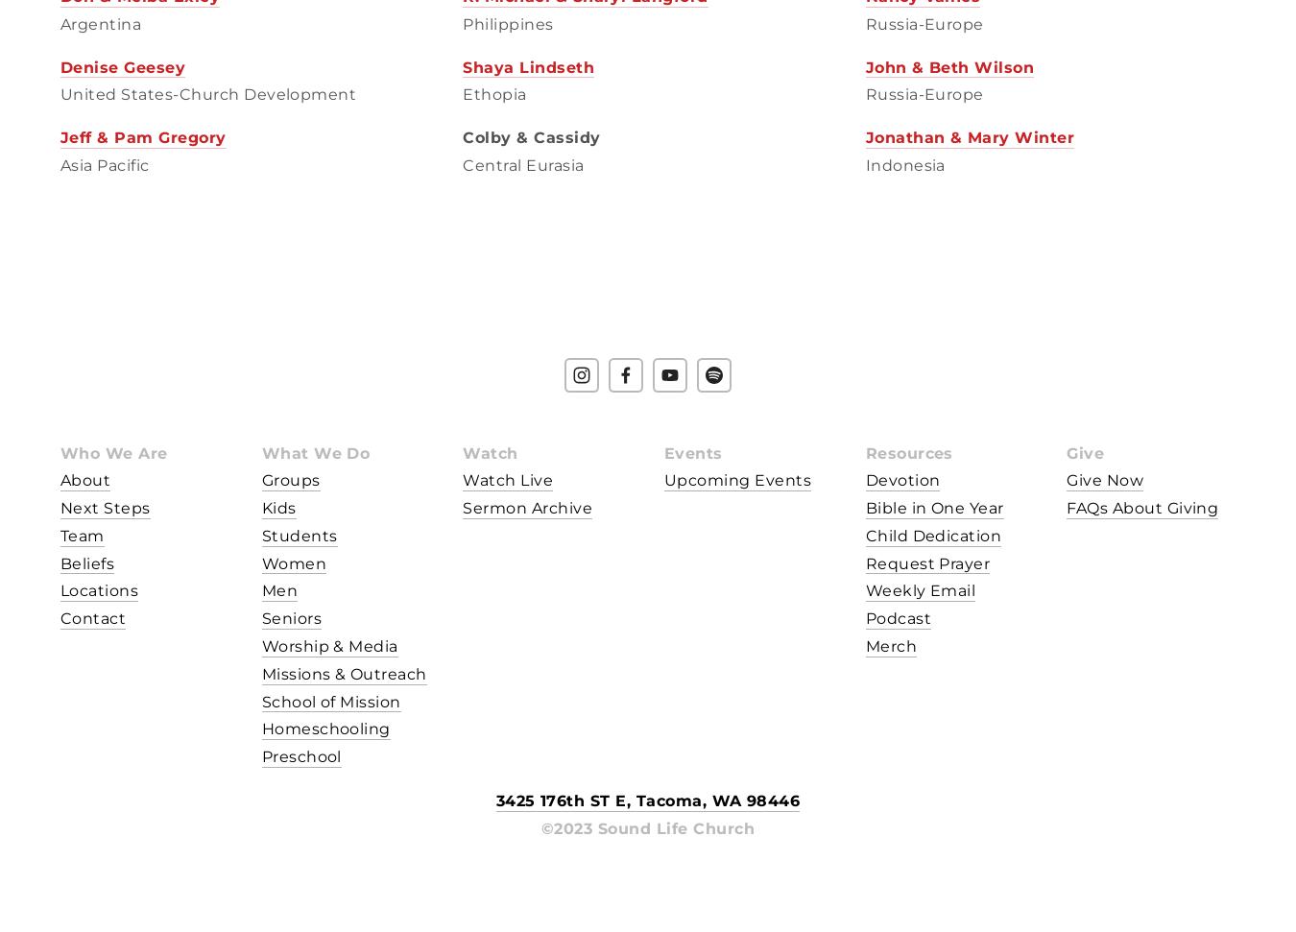 This screenshot has height=932, width=1296. I want to click on 'Missions & Outreach', so click(260, 673).